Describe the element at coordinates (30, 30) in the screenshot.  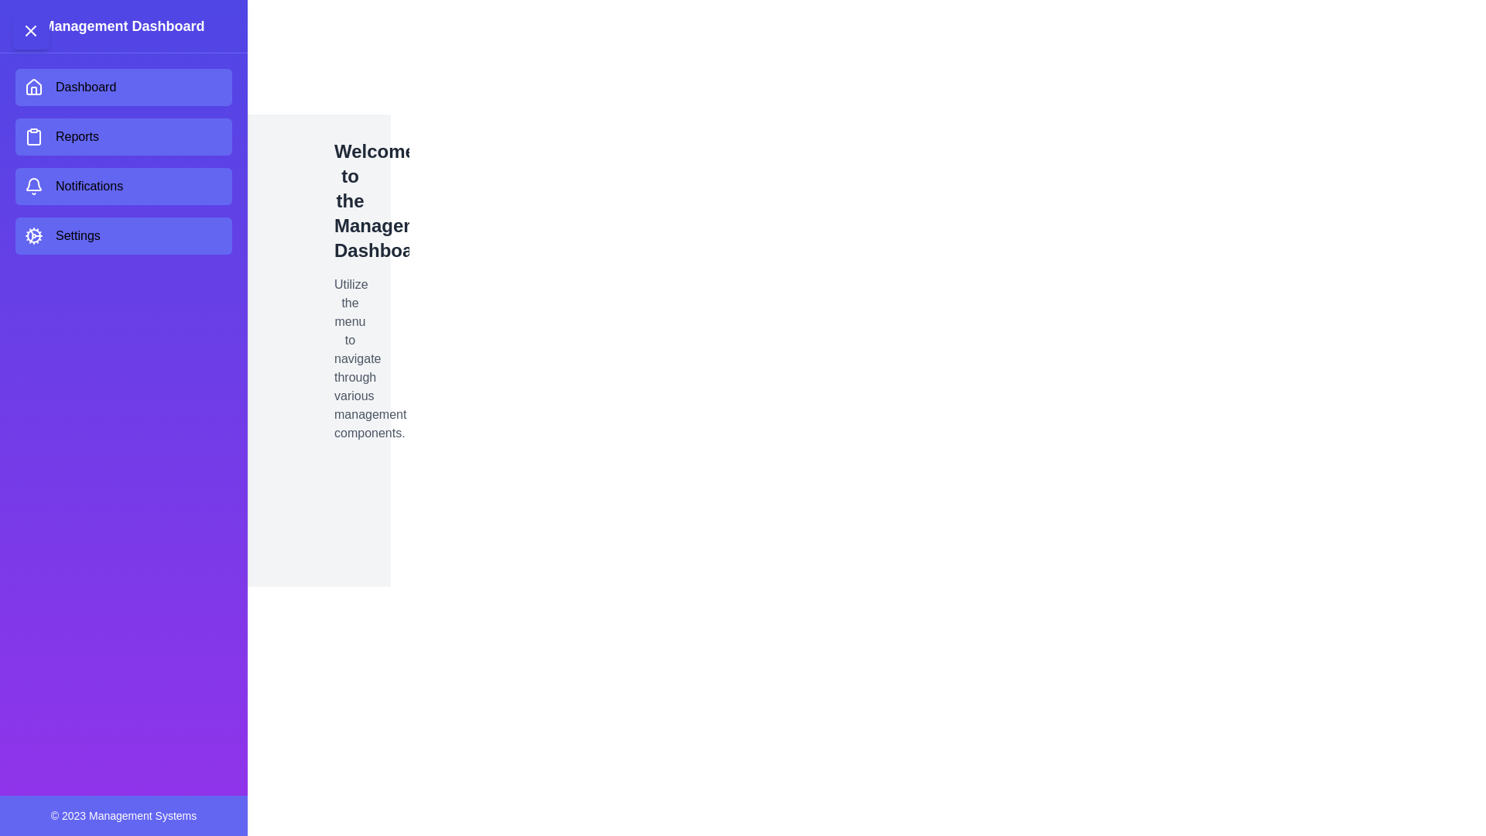
I see `the indigo rounded rectangle button with white text and a cross icon in the top-left corner of the application layout` at that location.